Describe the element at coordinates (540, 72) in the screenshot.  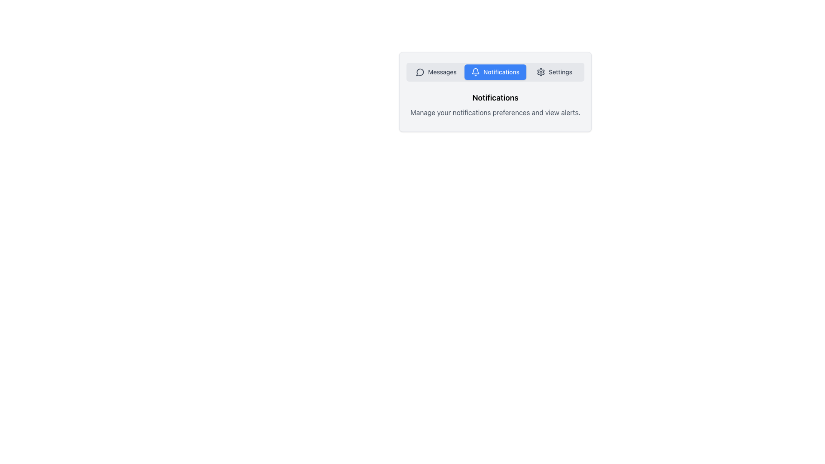
I see `the gear icon representing the settings feature, located in the upper portion of the interface on the rightmost position of the horizontal menu bar` at that location.